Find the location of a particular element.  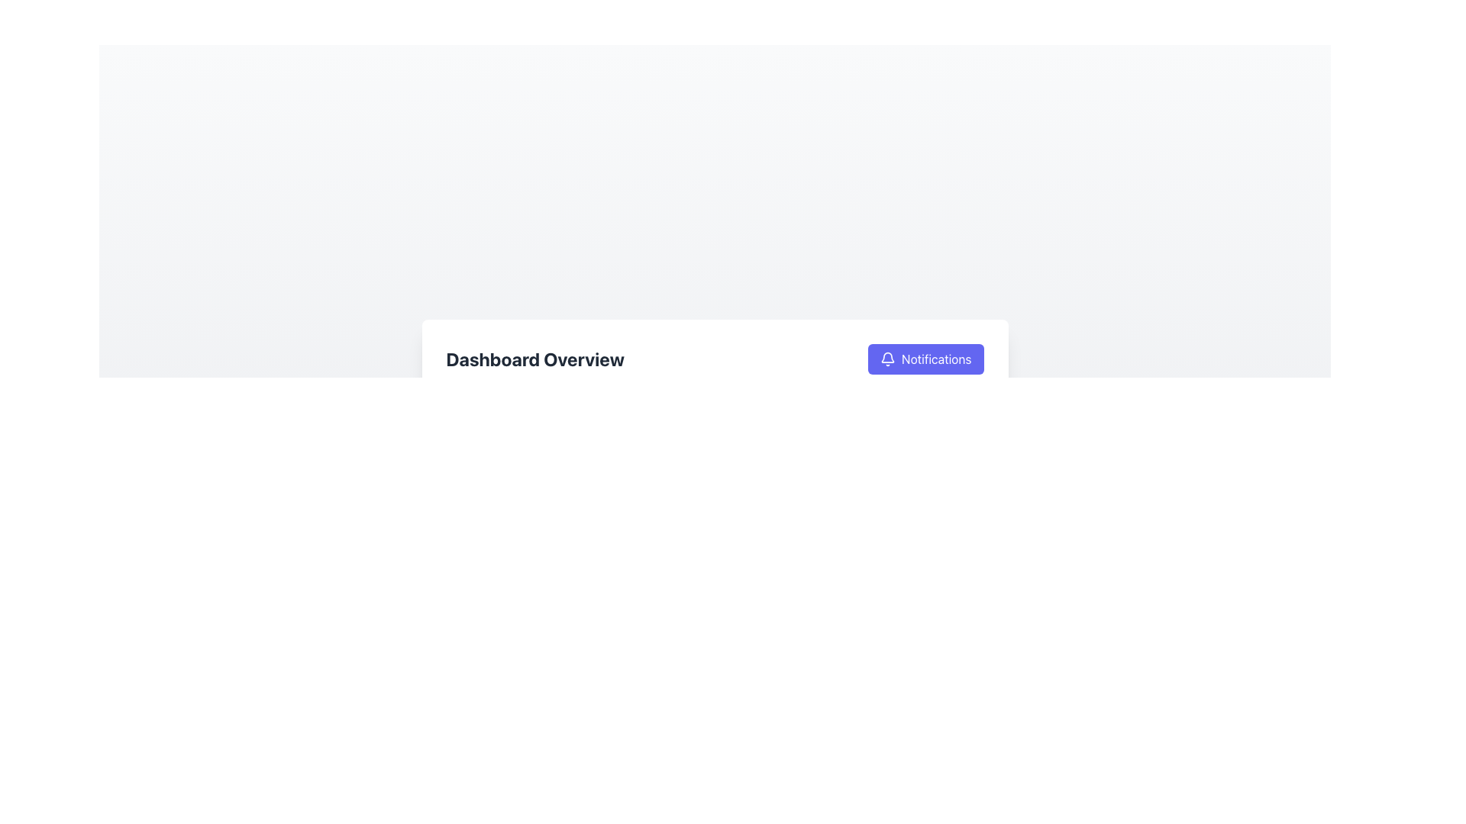

the 'Notifications' button with a deep blue background and white text located in the upper right corner of the 'Dashboard Overview' section is located at coordinates (925, 359).